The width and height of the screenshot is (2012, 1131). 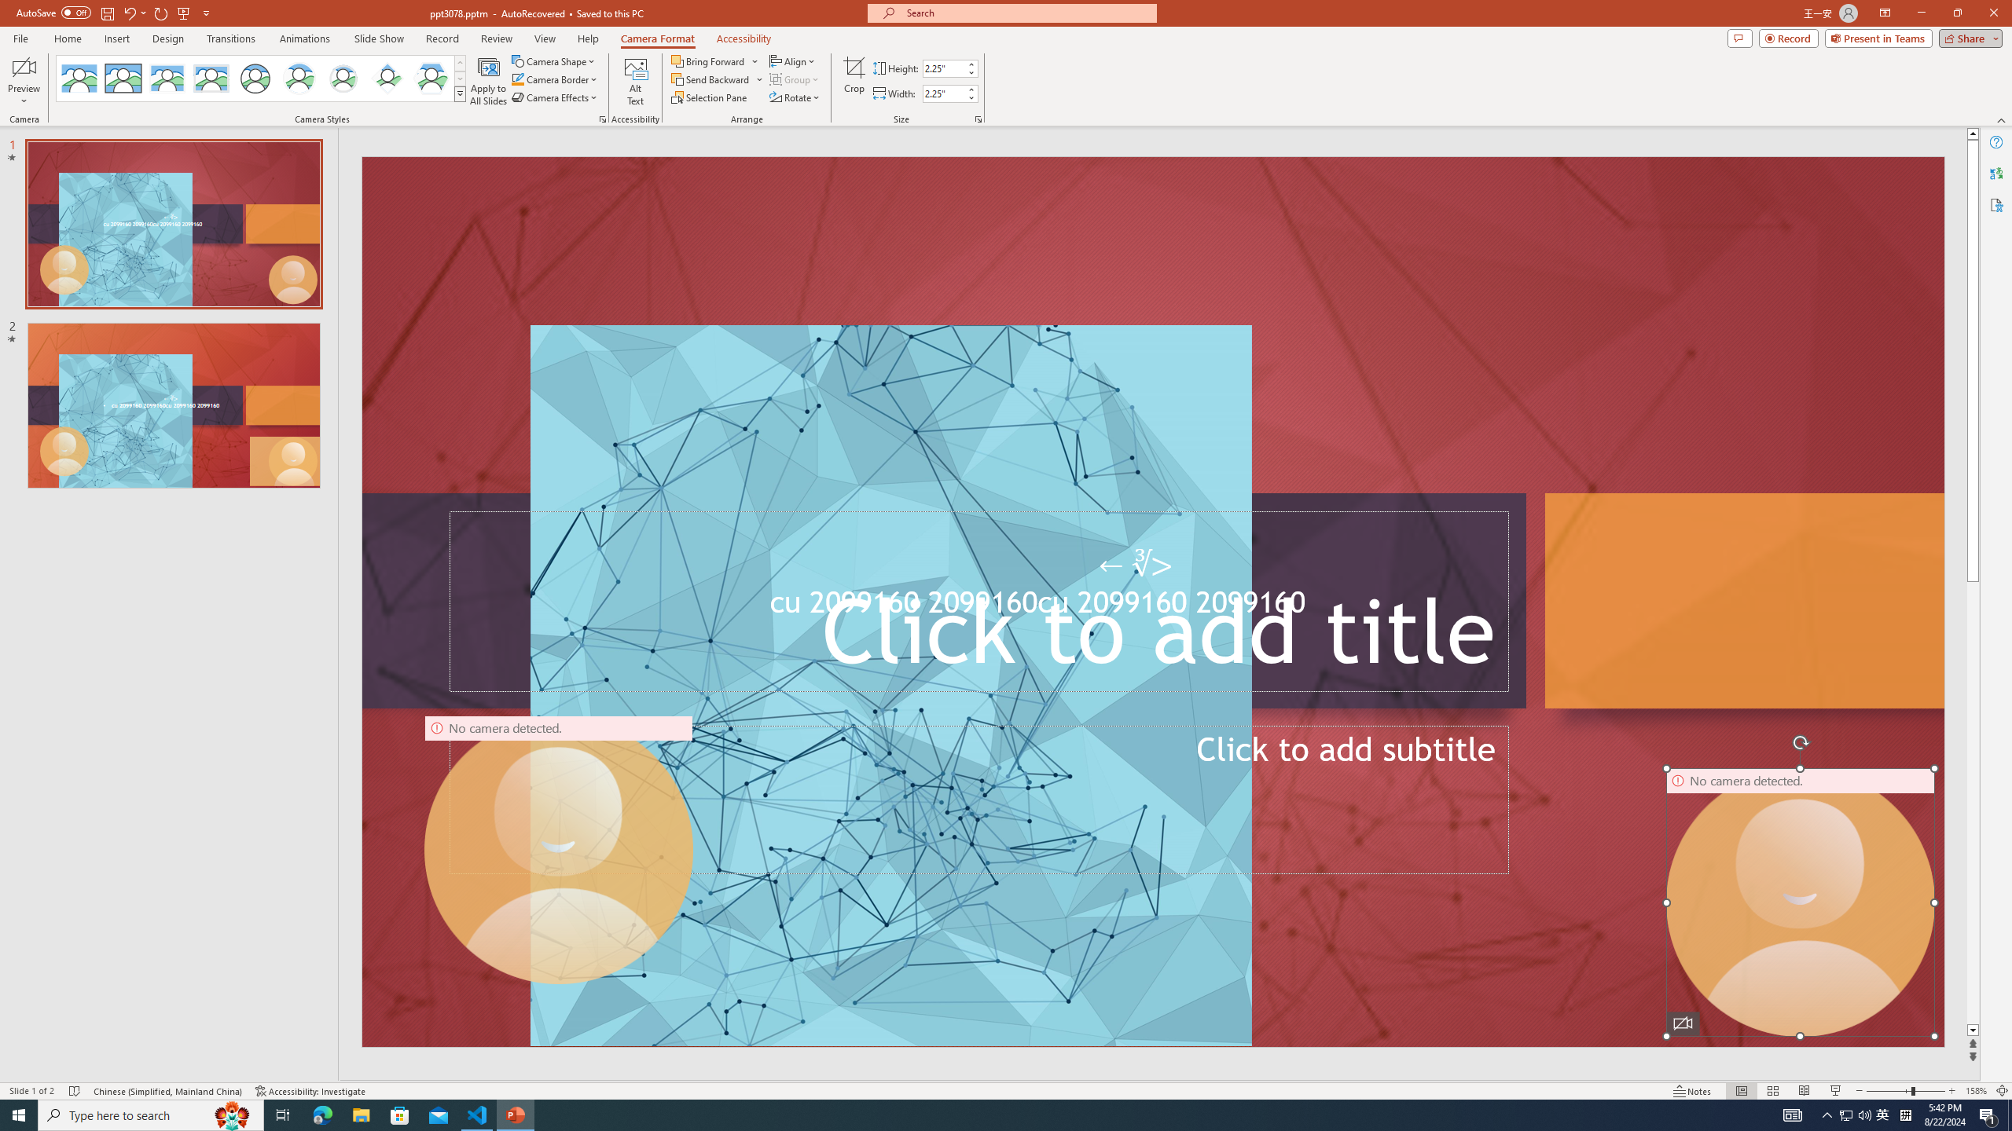 I want to click on 'TextBox 61', so click(x=1150, y=605).